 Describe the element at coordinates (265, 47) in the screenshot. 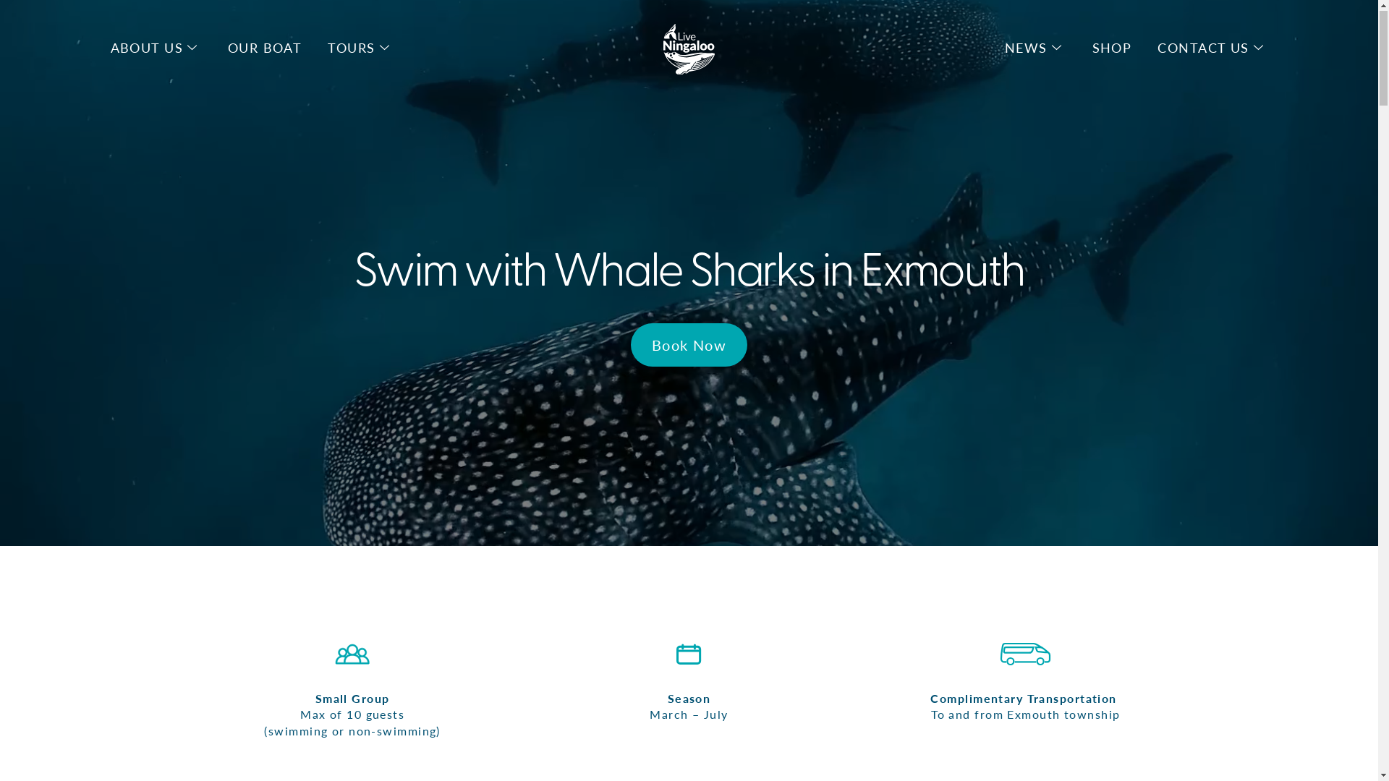

I see `'OUR BOAT'` at that location.